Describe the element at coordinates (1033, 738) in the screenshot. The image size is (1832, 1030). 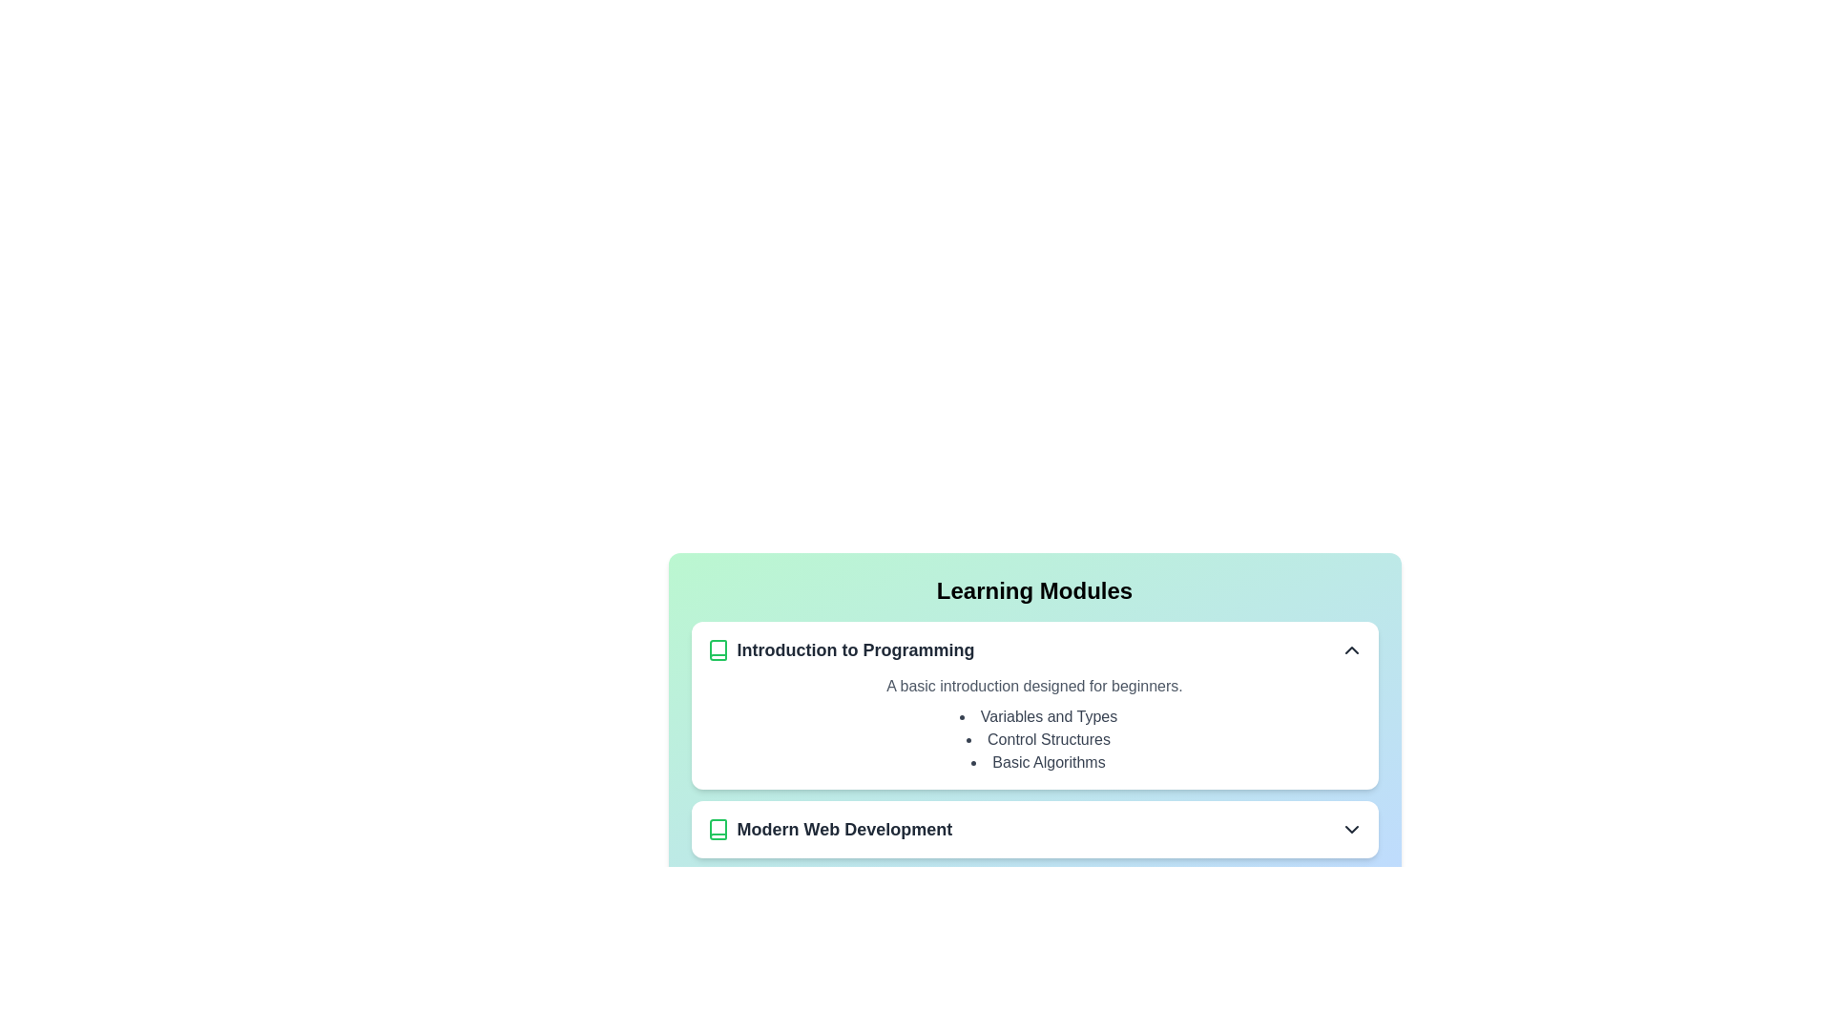
I see `the individual topics in the 'Introduction to Programming' collapsible section for more details, as this section presents an overview and lists the topics` at that location.